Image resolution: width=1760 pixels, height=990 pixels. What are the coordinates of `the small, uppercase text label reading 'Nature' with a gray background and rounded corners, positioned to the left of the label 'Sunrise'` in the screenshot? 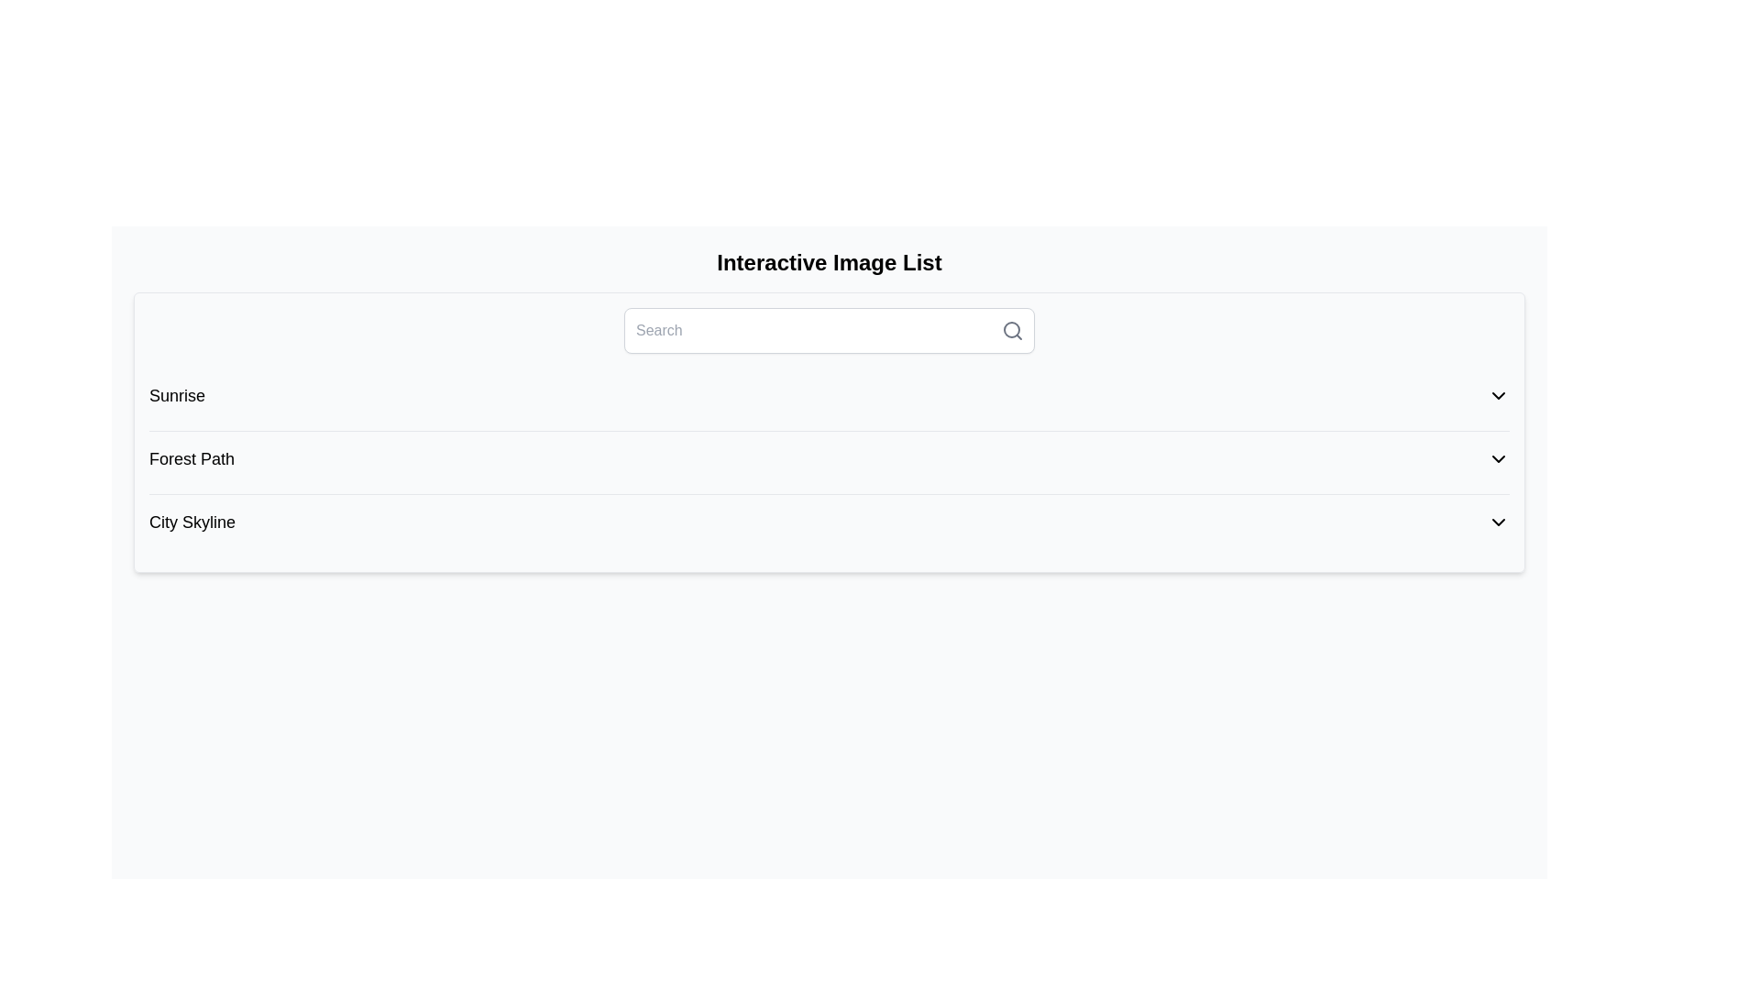 It's located at (179, 452).